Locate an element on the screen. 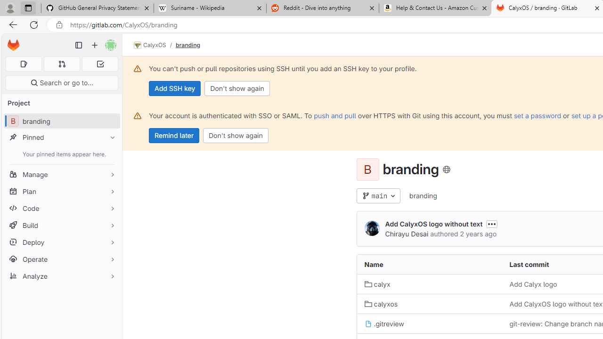 Image resolution: width=603 pixels, height=339 pixels. 'Merge requests 0' is located at coordinates (61, 64).